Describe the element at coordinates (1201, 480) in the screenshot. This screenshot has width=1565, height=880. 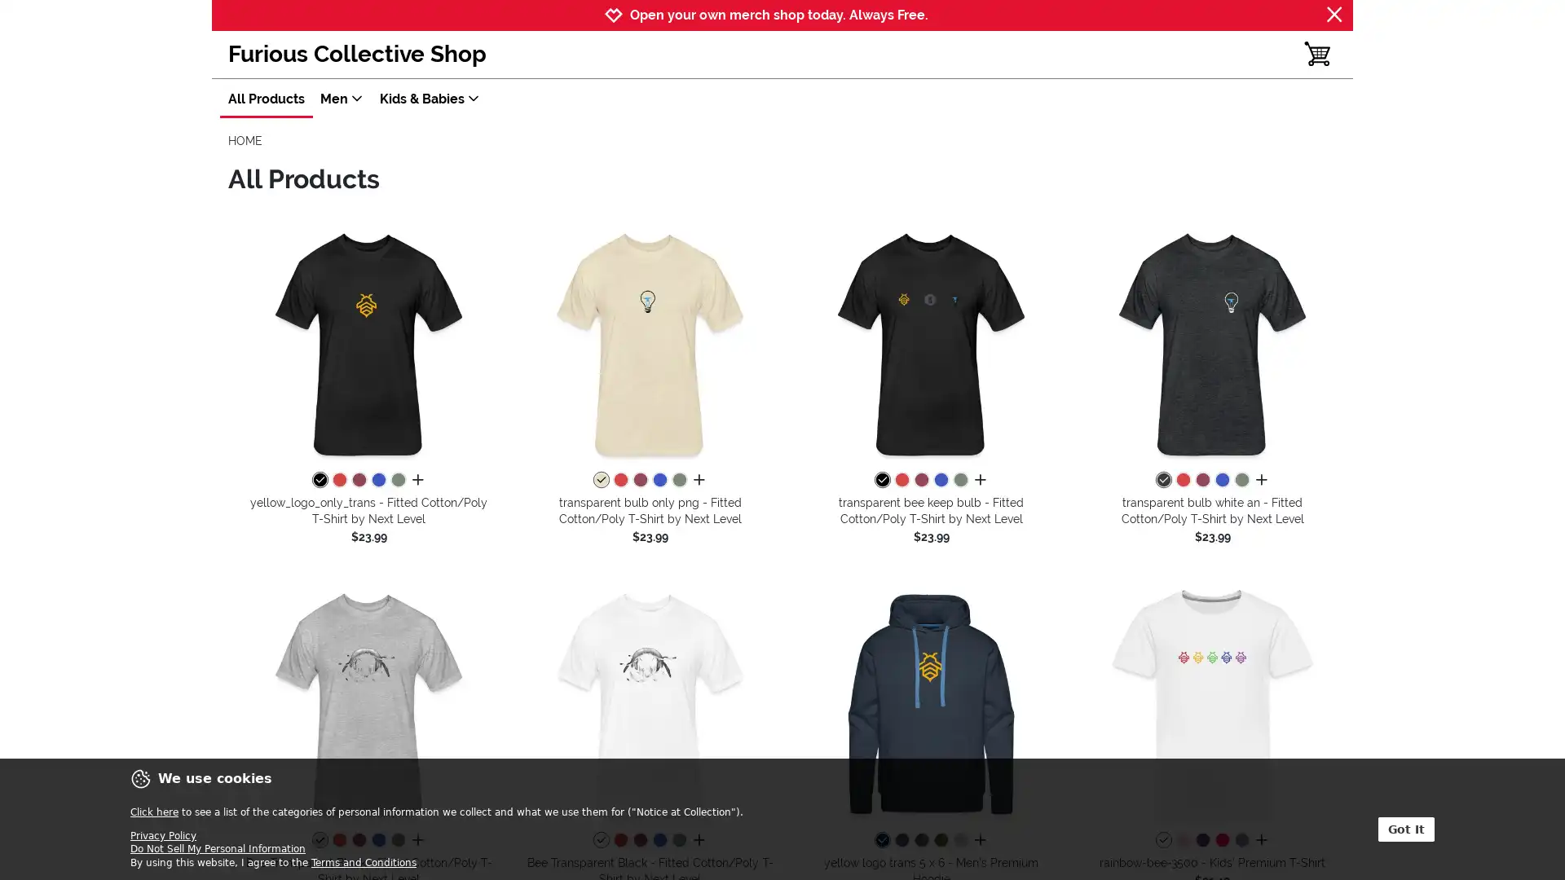
I see `heather burgundy` at that location.